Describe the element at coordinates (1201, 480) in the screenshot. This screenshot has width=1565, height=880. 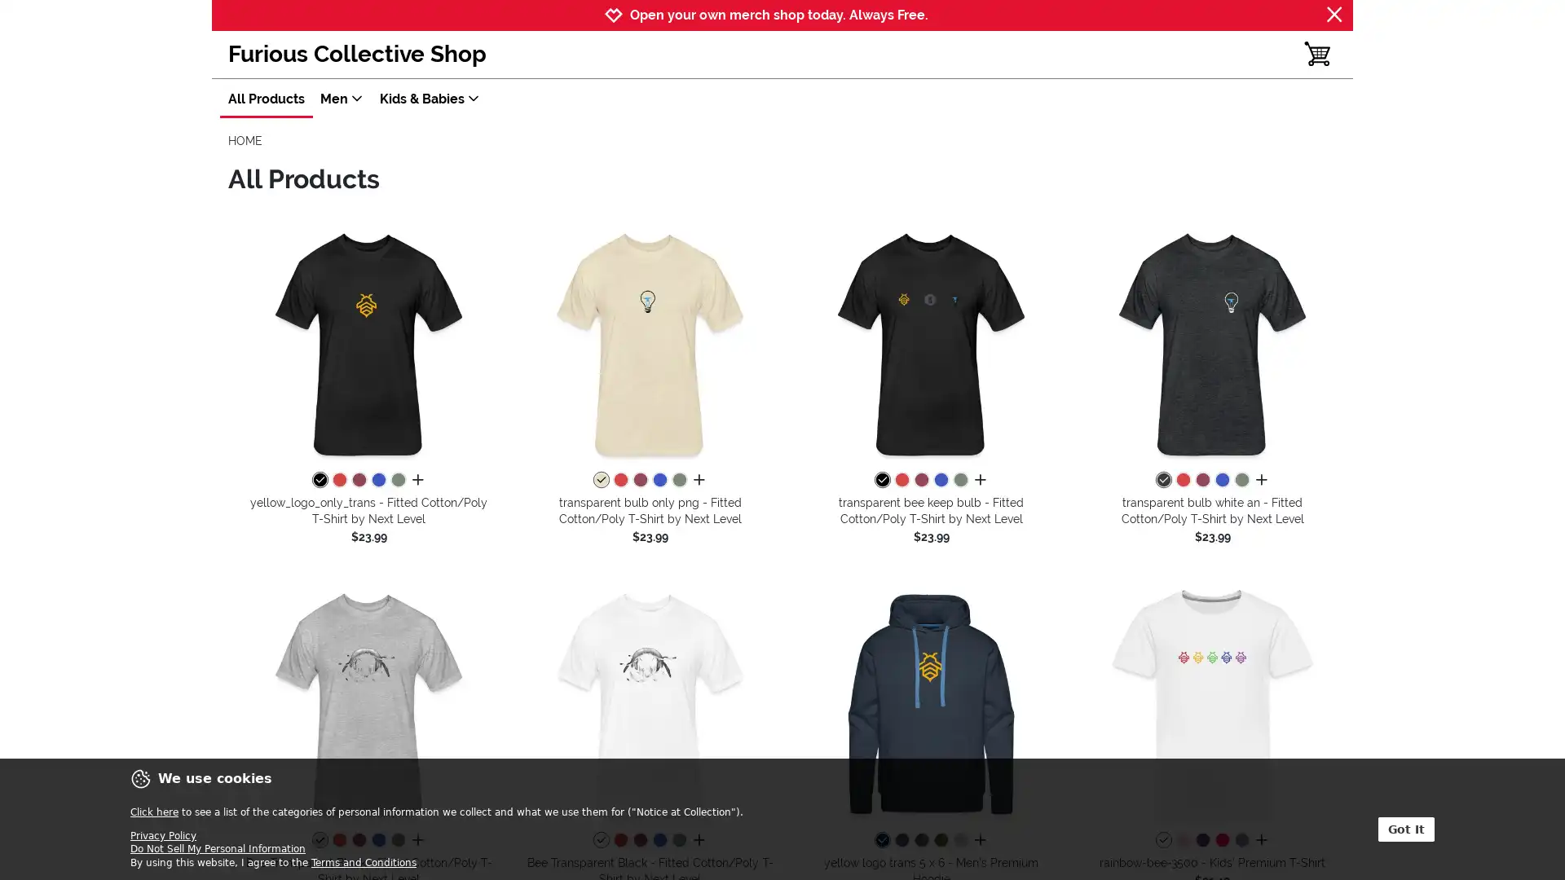
I see `heather burgundy` at that location.